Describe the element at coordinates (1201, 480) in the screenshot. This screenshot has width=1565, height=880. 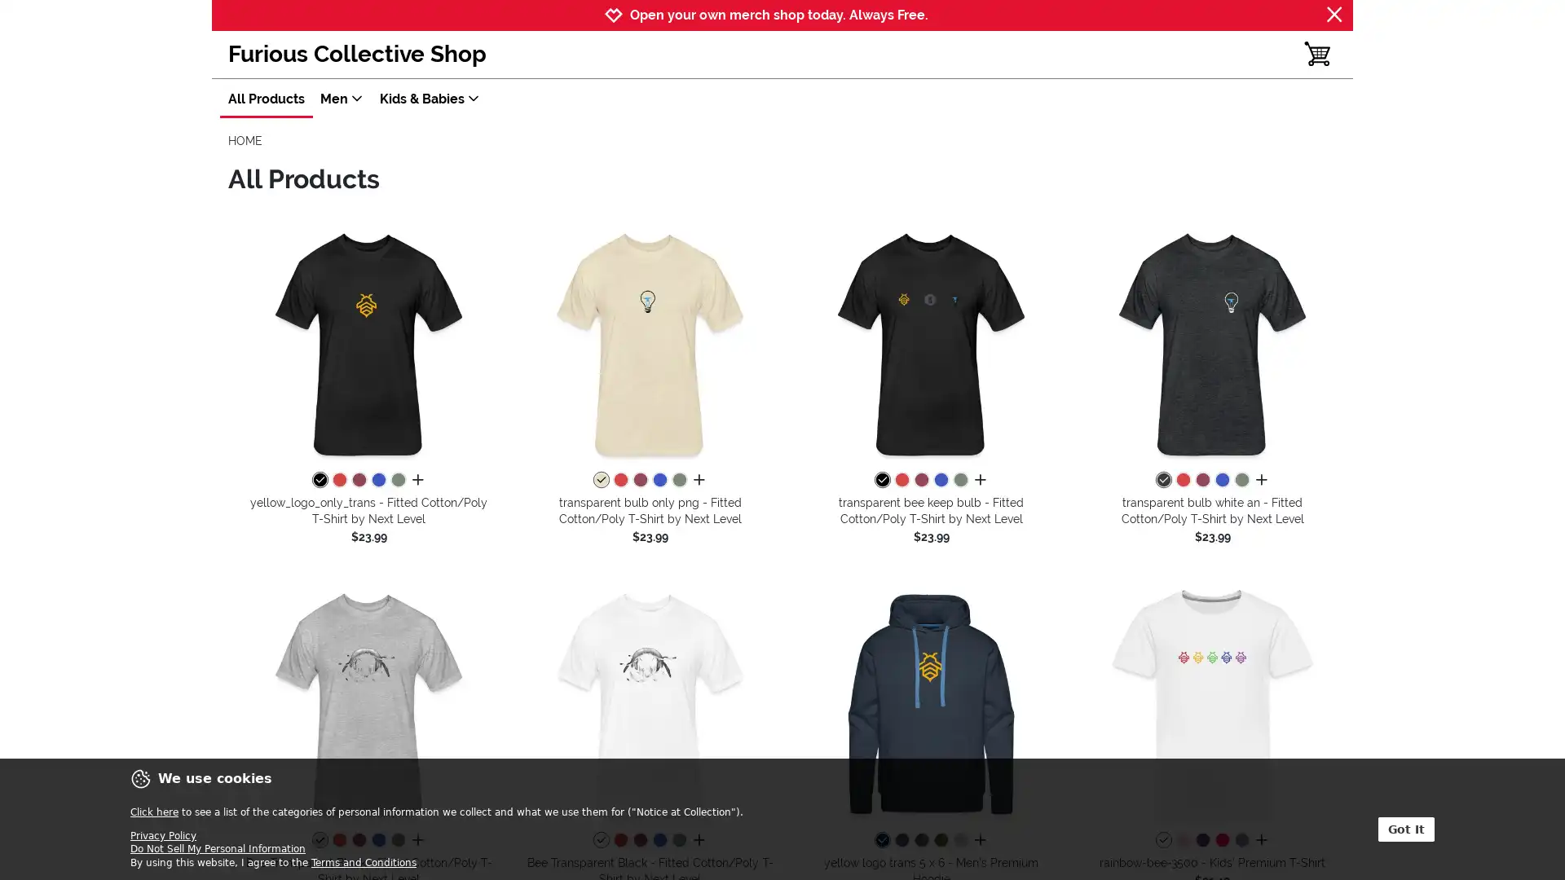
I see `heather burgundy` at that location.